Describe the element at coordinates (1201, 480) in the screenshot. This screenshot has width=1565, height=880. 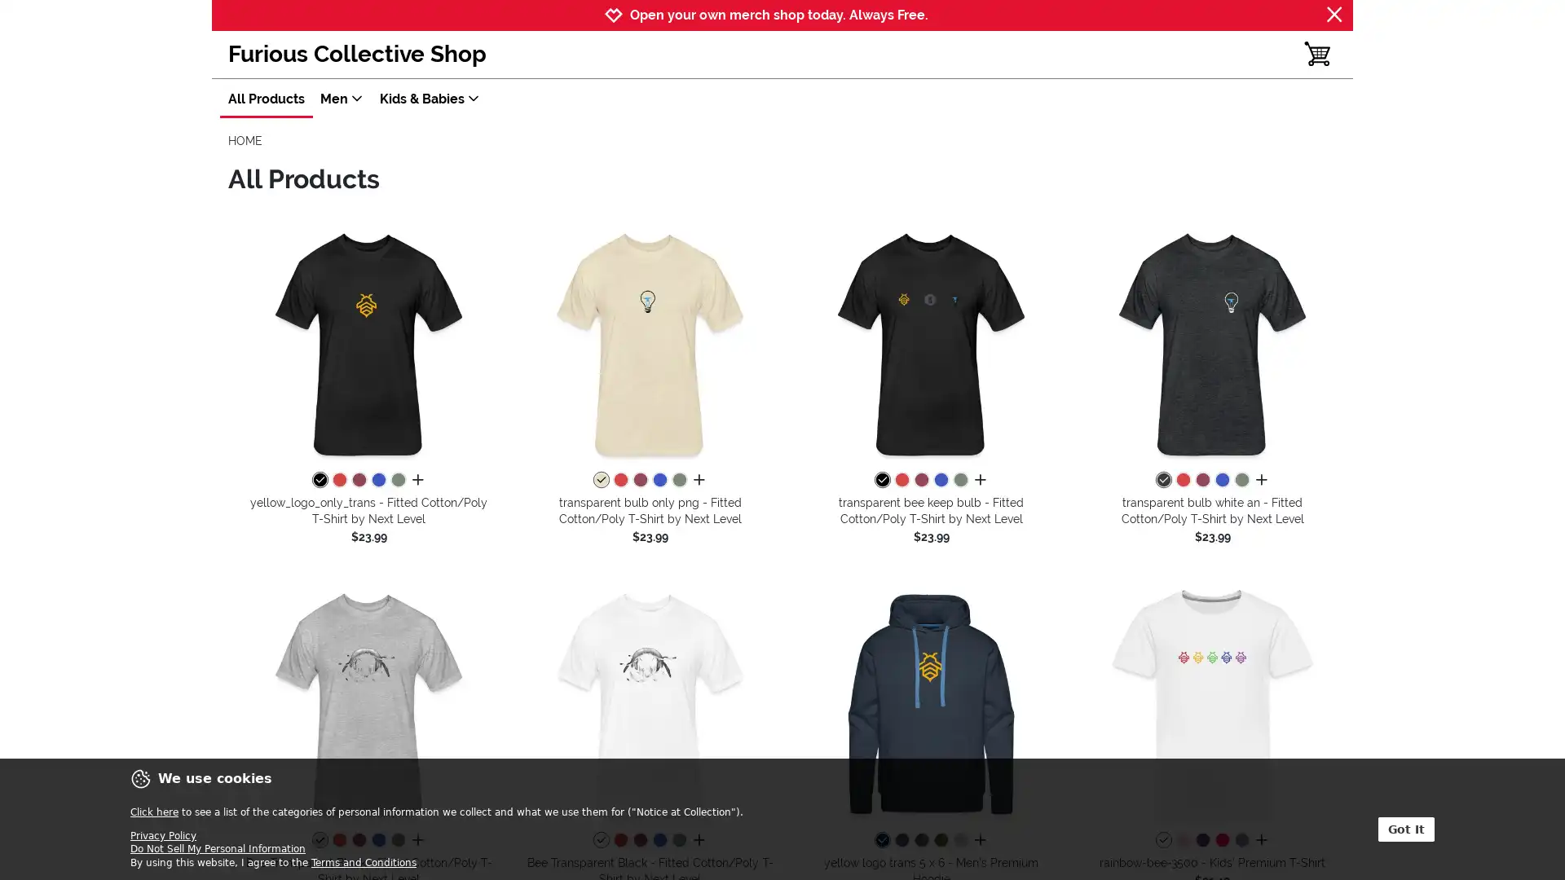
I see `heather burgundy` at that location.